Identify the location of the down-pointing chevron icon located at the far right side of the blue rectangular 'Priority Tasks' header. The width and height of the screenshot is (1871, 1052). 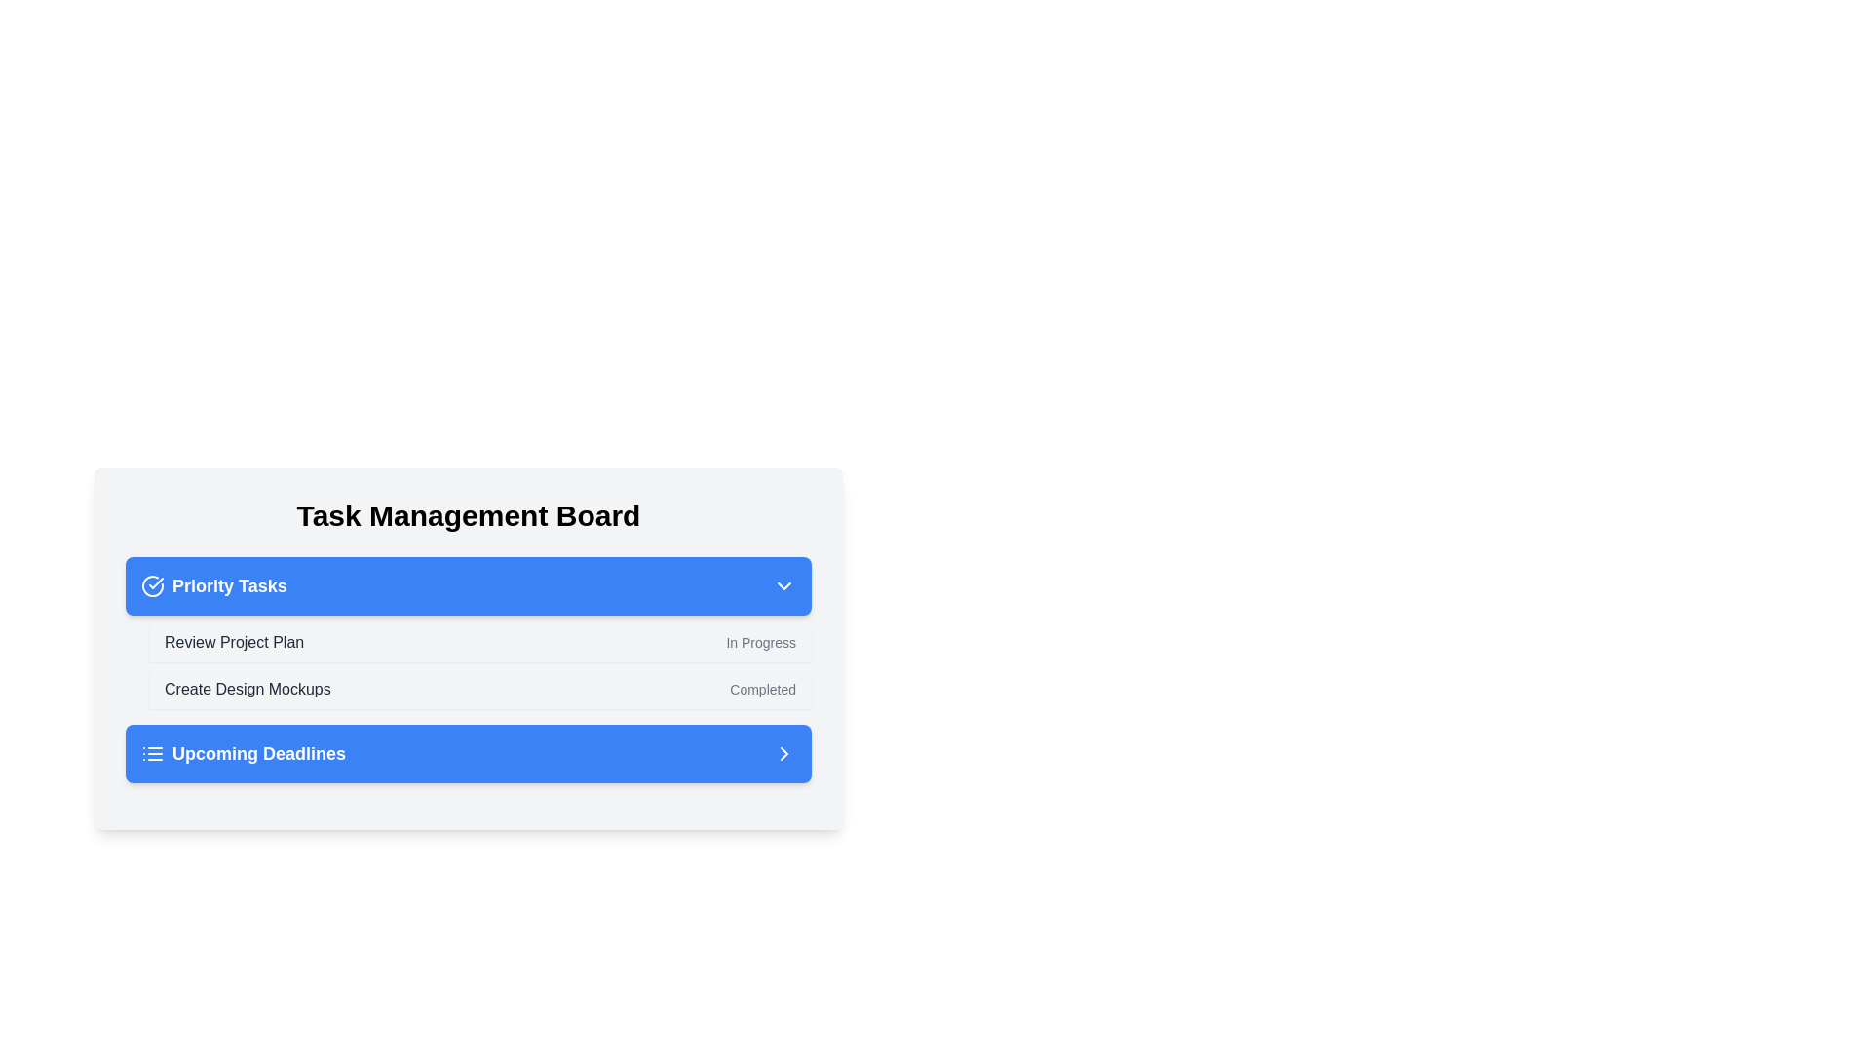
(784, 584).